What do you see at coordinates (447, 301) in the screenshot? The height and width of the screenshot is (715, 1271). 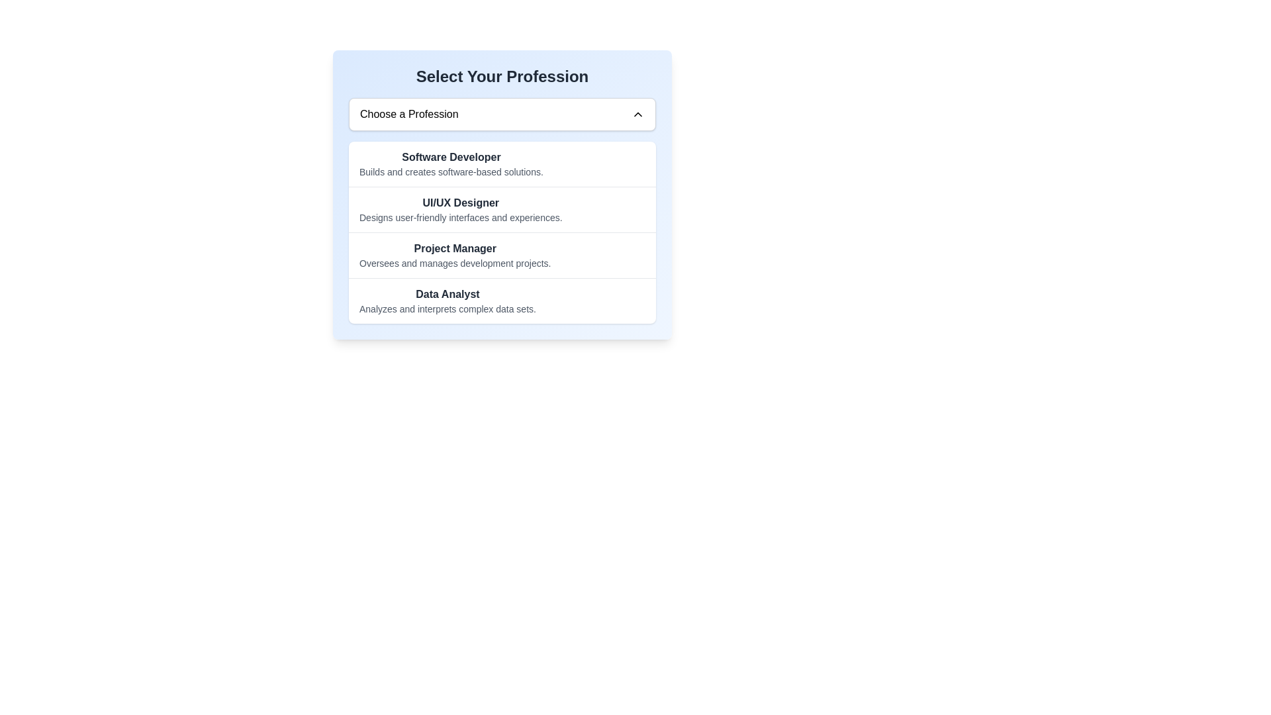 I see `the selectable option for 'Data Analyst' in the profession selection menu` at bounding box center [447, 301].